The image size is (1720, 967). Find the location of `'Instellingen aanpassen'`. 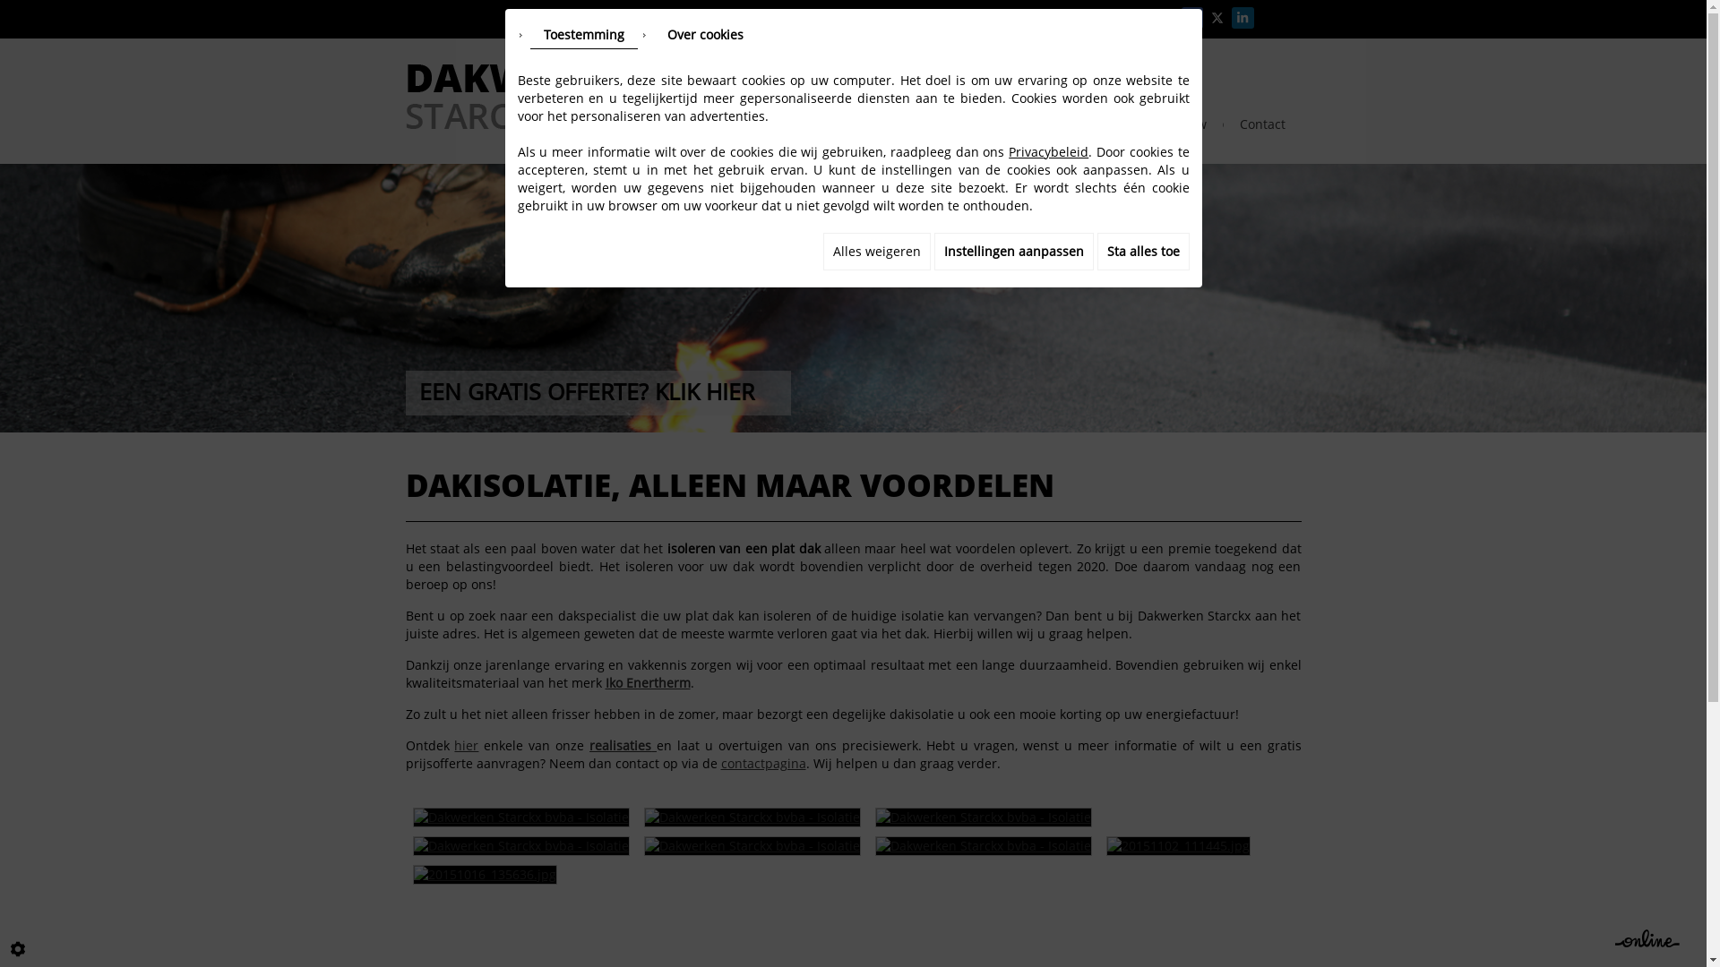

'Instellingen aanpassen' is located at coordinates (1013, 252).